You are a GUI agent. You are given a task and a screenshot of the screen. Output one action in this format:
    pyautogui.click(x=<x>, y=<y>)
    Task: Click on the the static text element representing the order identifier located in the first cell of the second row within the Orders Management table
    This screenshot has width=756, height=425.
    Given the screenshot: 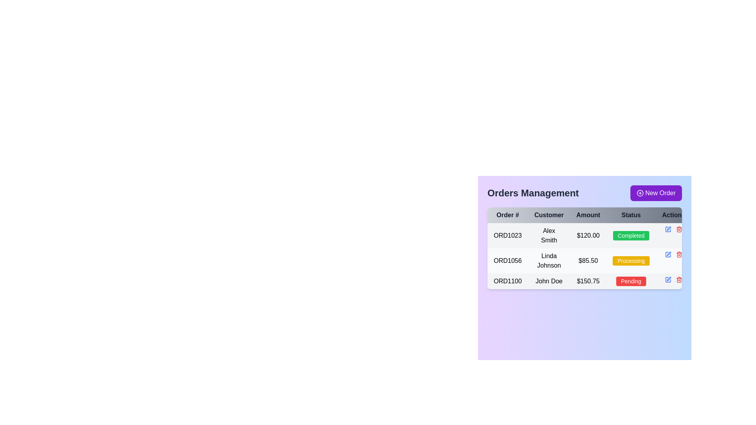 What is the action you would take?
    pyautogui.click(x=508, y=261)
    